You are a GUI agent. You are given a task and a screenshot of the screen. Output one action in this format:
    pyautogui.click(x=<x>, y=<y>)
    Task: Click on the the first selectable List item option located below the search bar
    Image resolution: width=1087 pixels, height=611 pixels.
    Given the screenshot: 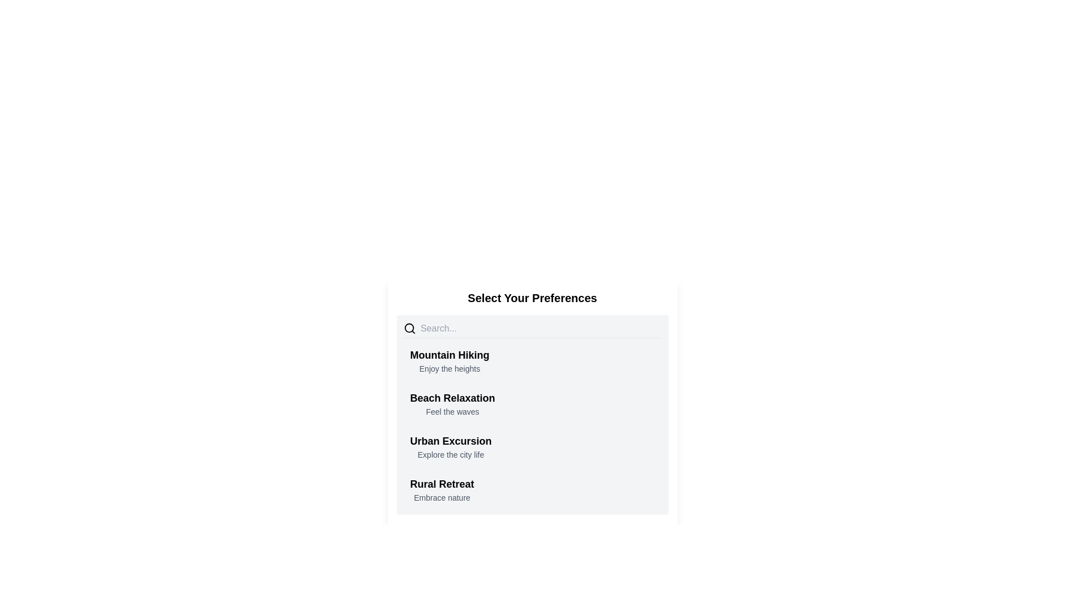 What is the action you would take?
    pyautogui.click(x=532, y=360)
    